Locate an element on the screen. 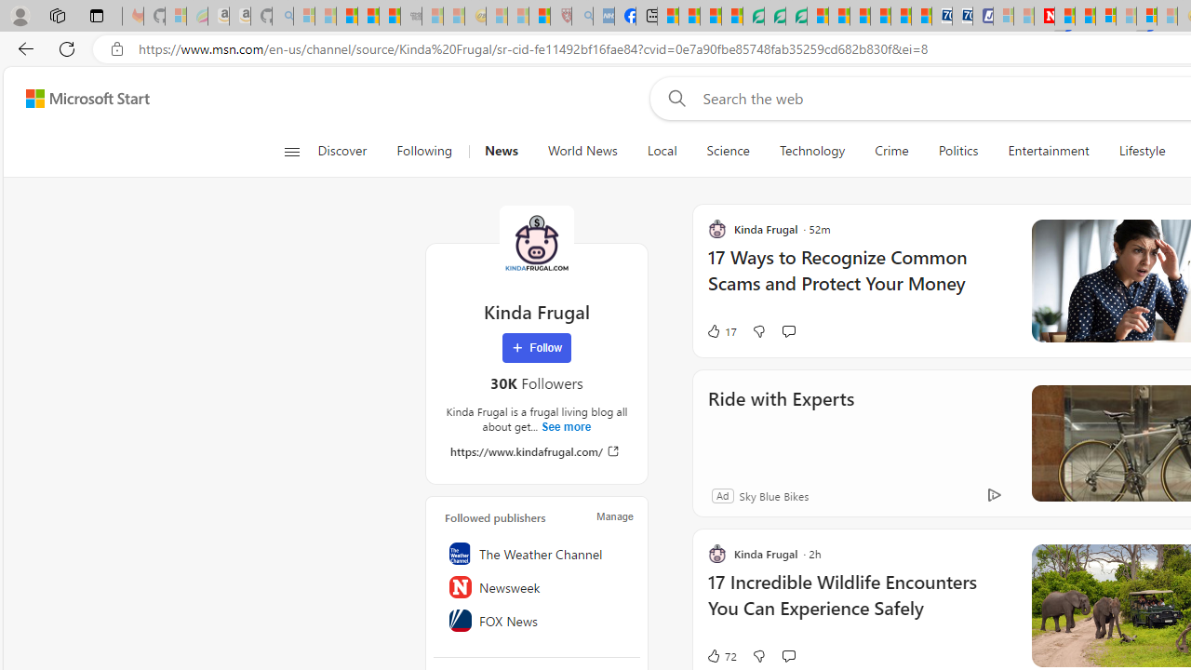  'World News' is located at coordinates (581, 151).